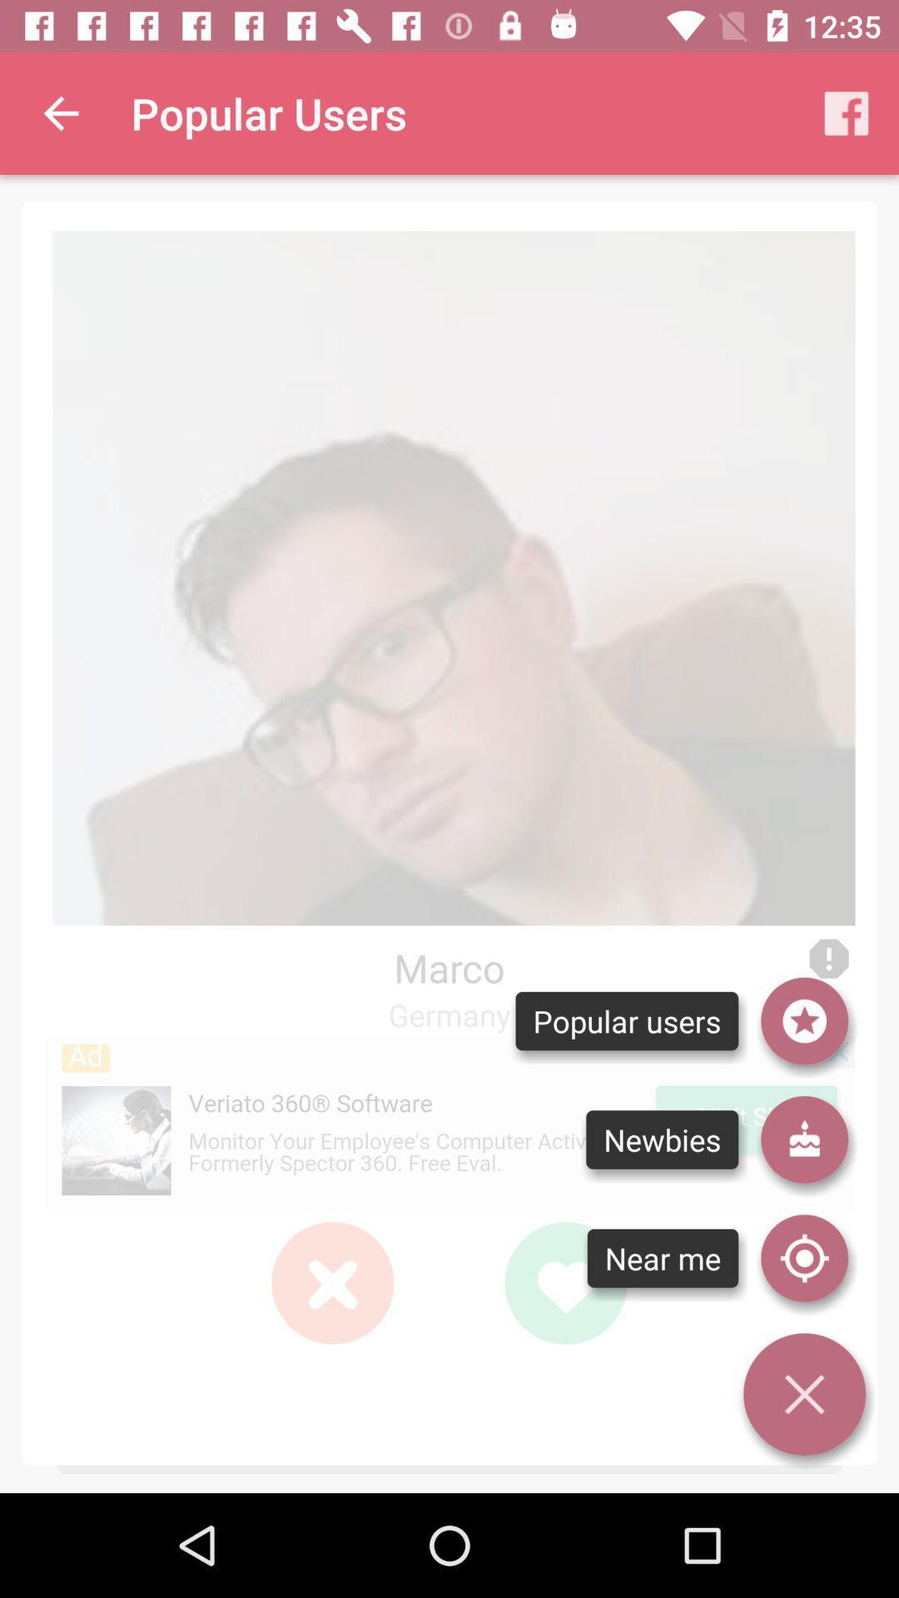 The image size is (899, 1598). Describe the element at coordinates (564, 1282) in the screenshot. I see `the favorite icon` at that location.